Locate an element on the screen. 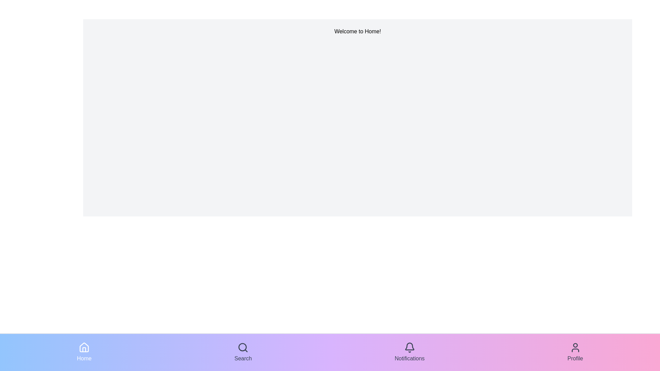  the 'Home' text label in the bottom navigation bar, which is styled in white on a gradient blue to purple background and is located below the home icon is located at coordinates (84, 358).